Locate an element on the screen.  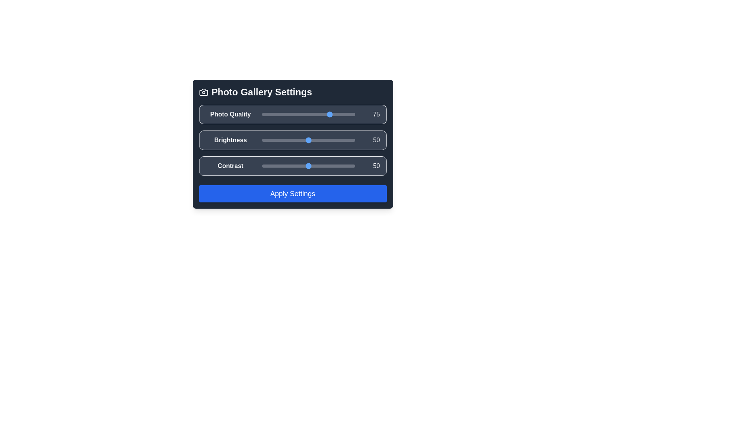
the photo quality is located at coordinates (289, 114).